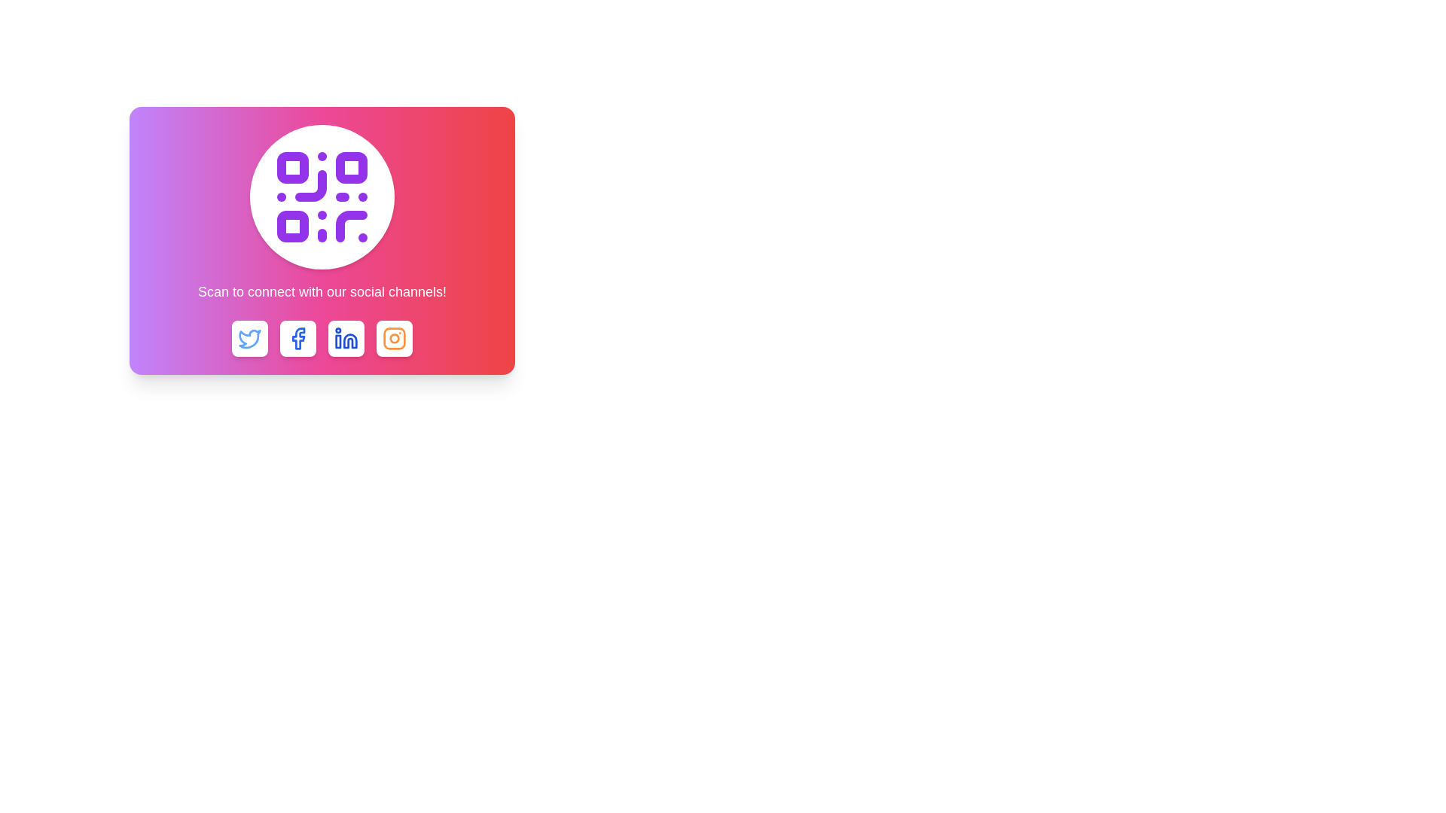  Describe the element at coordinates (298, 339) in the screenshot. I see `the Facebook icon, represented by a stylized blue letter 'F'` at that location.